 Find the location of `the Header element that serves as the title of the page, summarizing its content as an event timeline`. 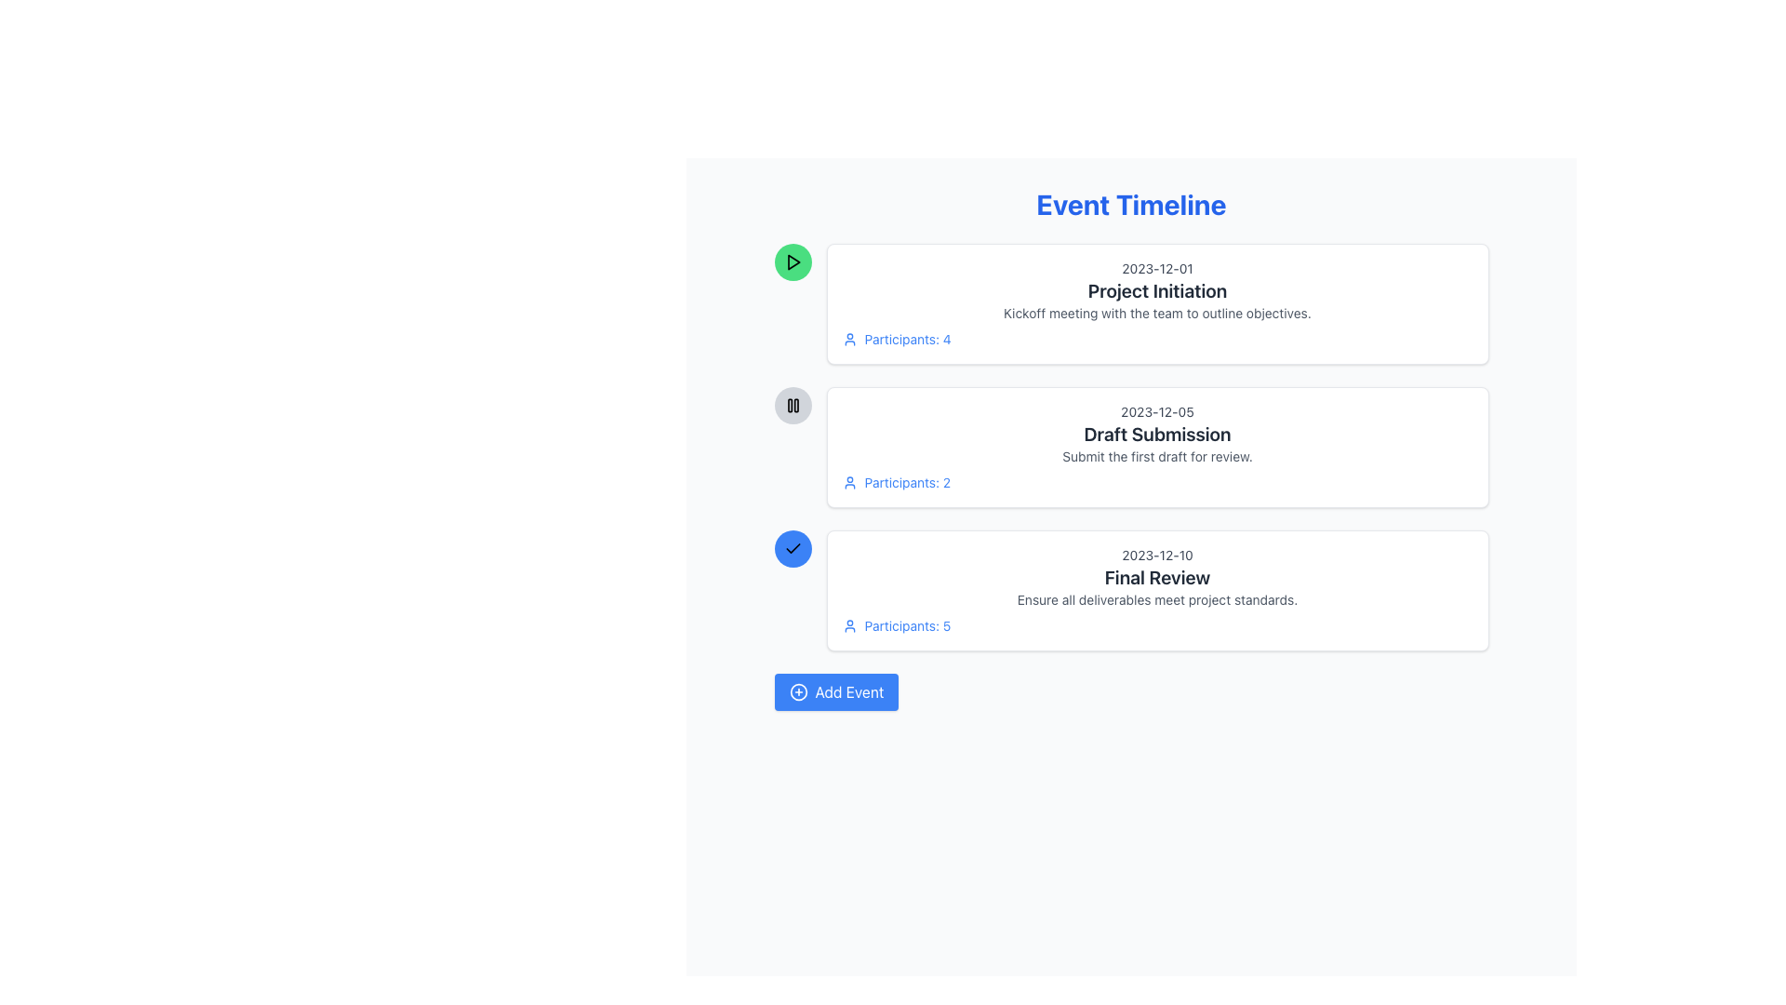

the Header element that serves as the title of the page, summarizing its content as an event timeline is located at coordinates (1130, 204).